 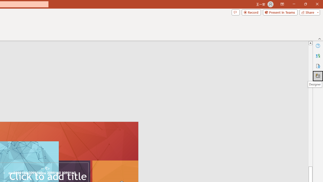 What do you see at coordinates (47, 173) in the screenshot?
I see `'TextBox 61'` at bounding box center [47, 173].